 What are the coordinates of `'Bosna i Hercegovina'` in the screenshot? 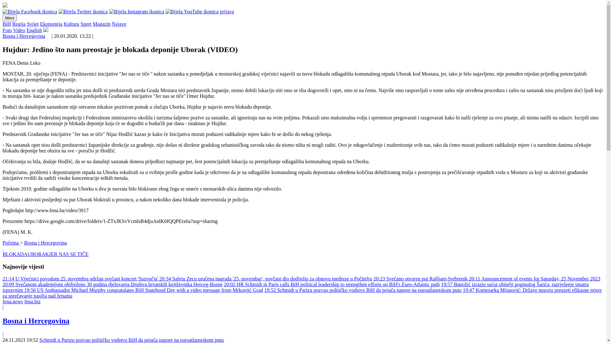 It's located at (45, 243).